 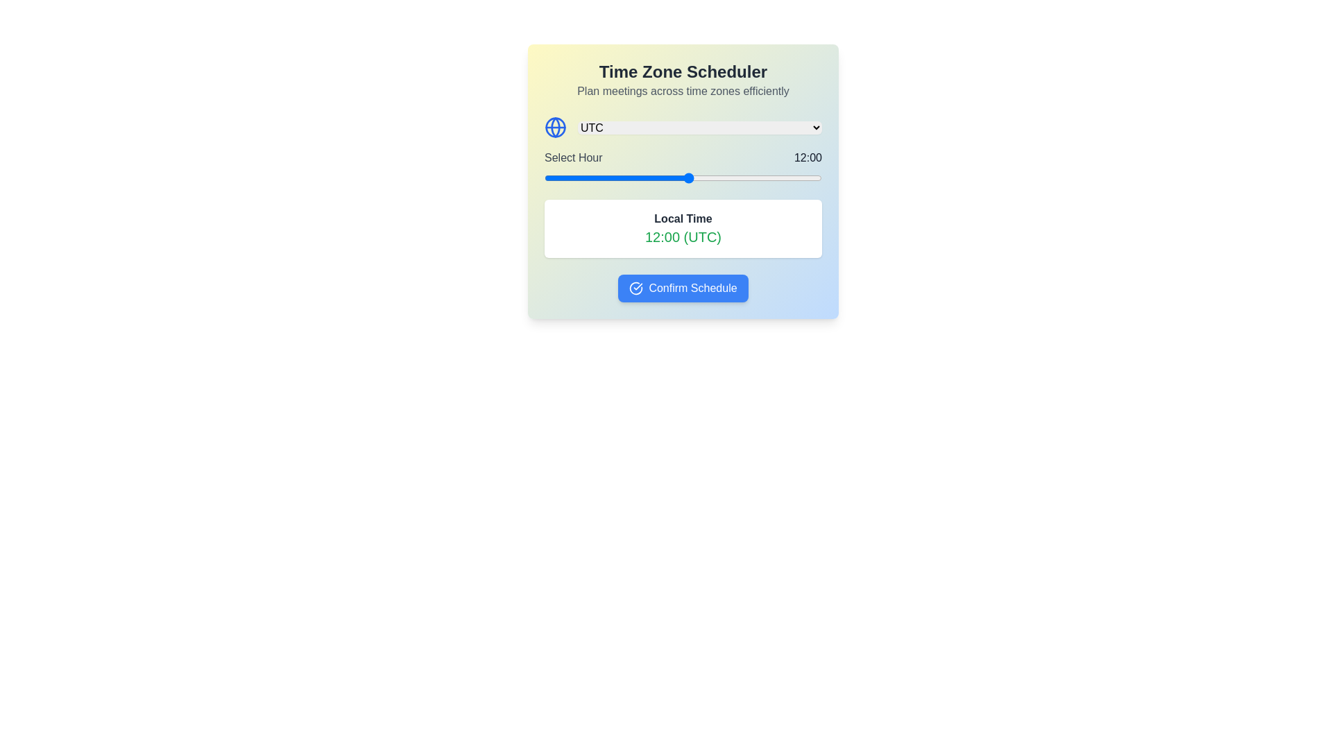 I want to click on the 'Confirm Schedule' button, which contains a circular checkmark SVG icon to its left, so click(x=635, y=288).